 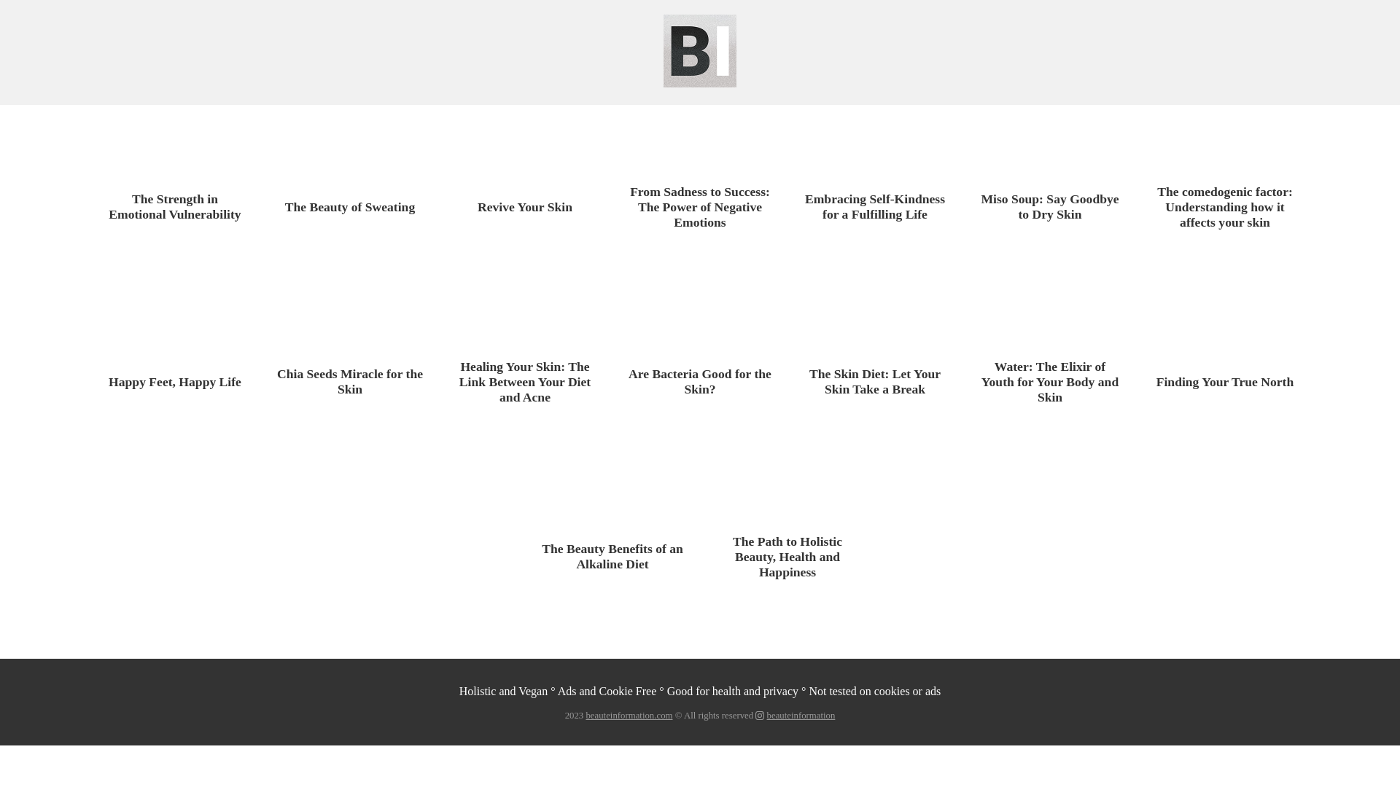 I want to click on 'From Sadness to Success: The Power of Negative Emotions', so click(x=700, y=206).